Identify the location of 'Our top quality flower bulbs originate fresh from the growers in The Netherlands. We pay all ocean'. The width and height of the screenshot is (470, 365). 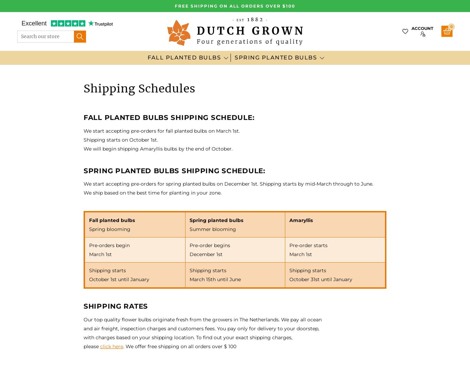
(202, 319).